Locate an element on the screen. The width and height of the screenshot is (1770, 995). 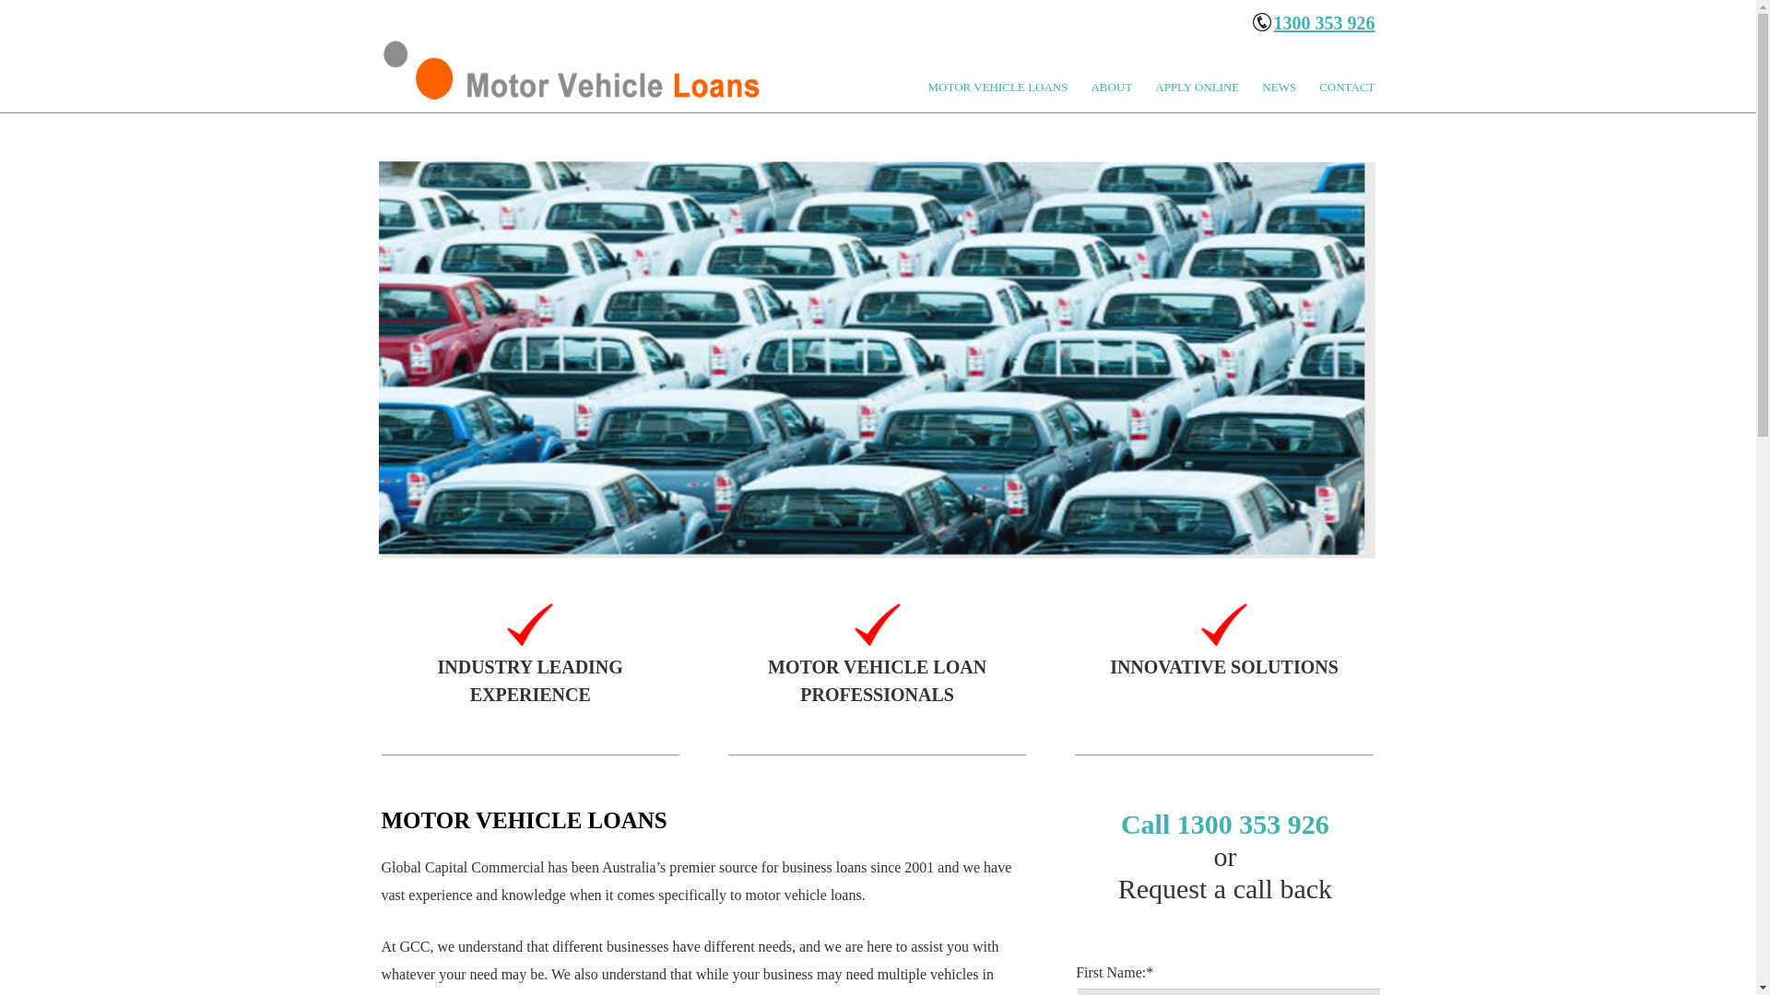
'ABOUT' is located at coordinates (1122, 87).